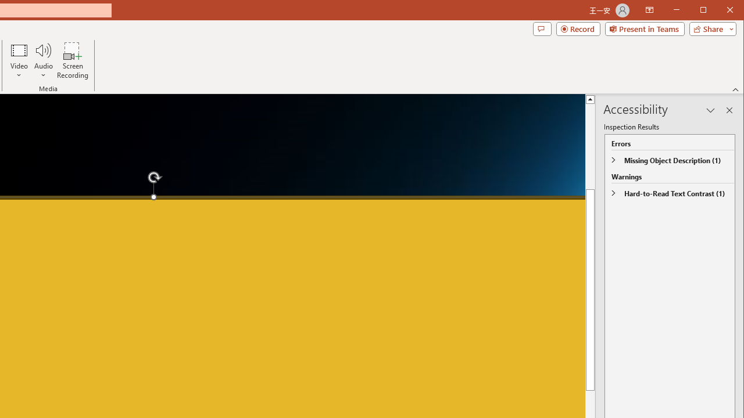 This screenshot has height=418, width=744. What do you see at coordinates (710, 28) in the screenshot?
I see `'Share'` at bounding box center [710, 28].